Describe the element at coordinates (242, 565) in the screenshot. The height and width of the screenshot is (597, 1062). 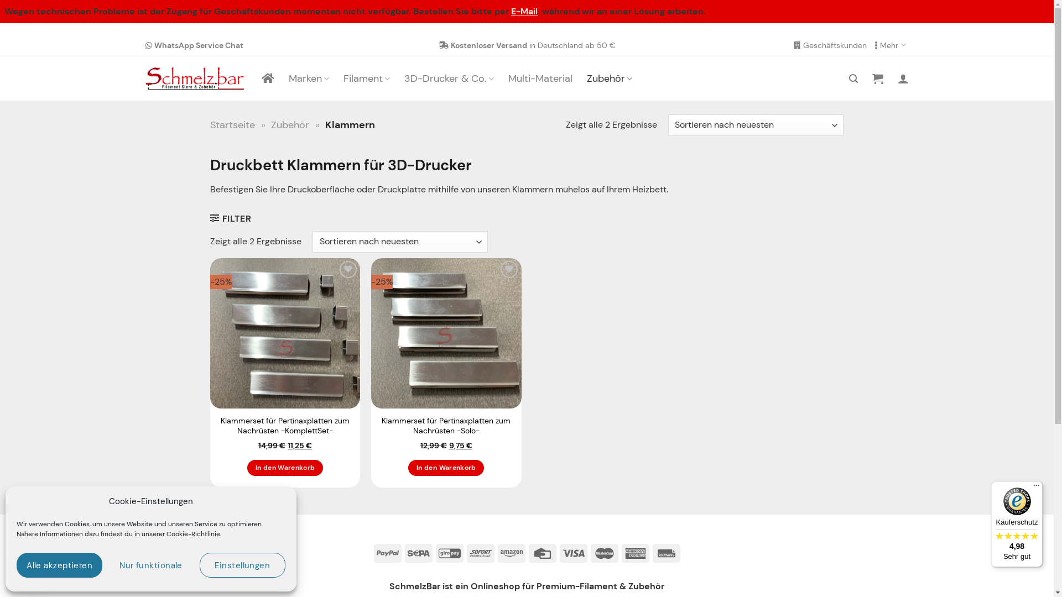
I see `'Einstellungen'` at that location.